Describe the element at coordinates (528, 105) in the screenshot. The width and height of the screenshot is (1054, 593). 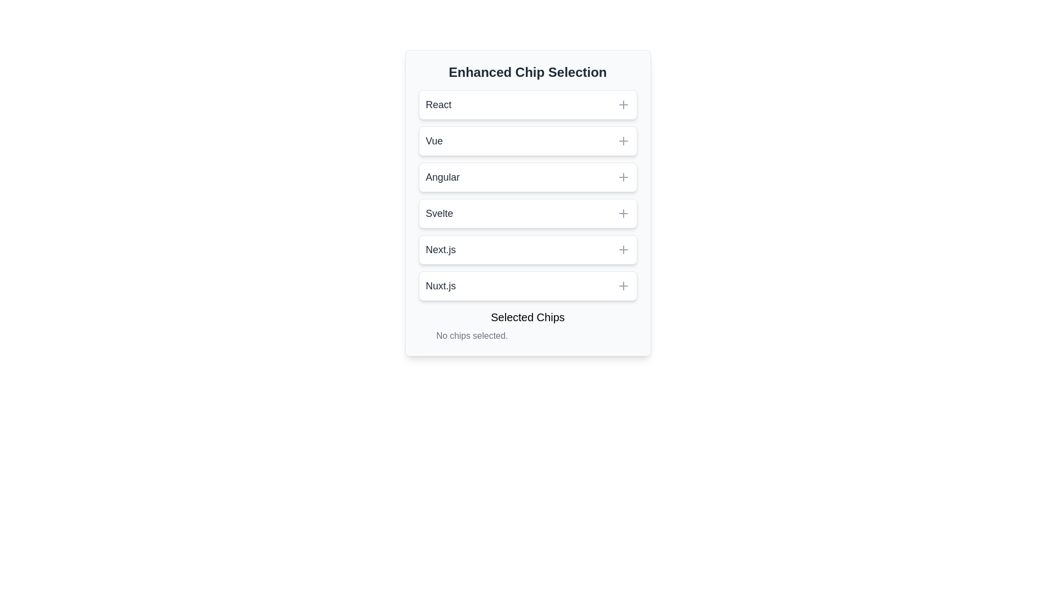
I see `the first interactive card representing the 'React' option` at that location.